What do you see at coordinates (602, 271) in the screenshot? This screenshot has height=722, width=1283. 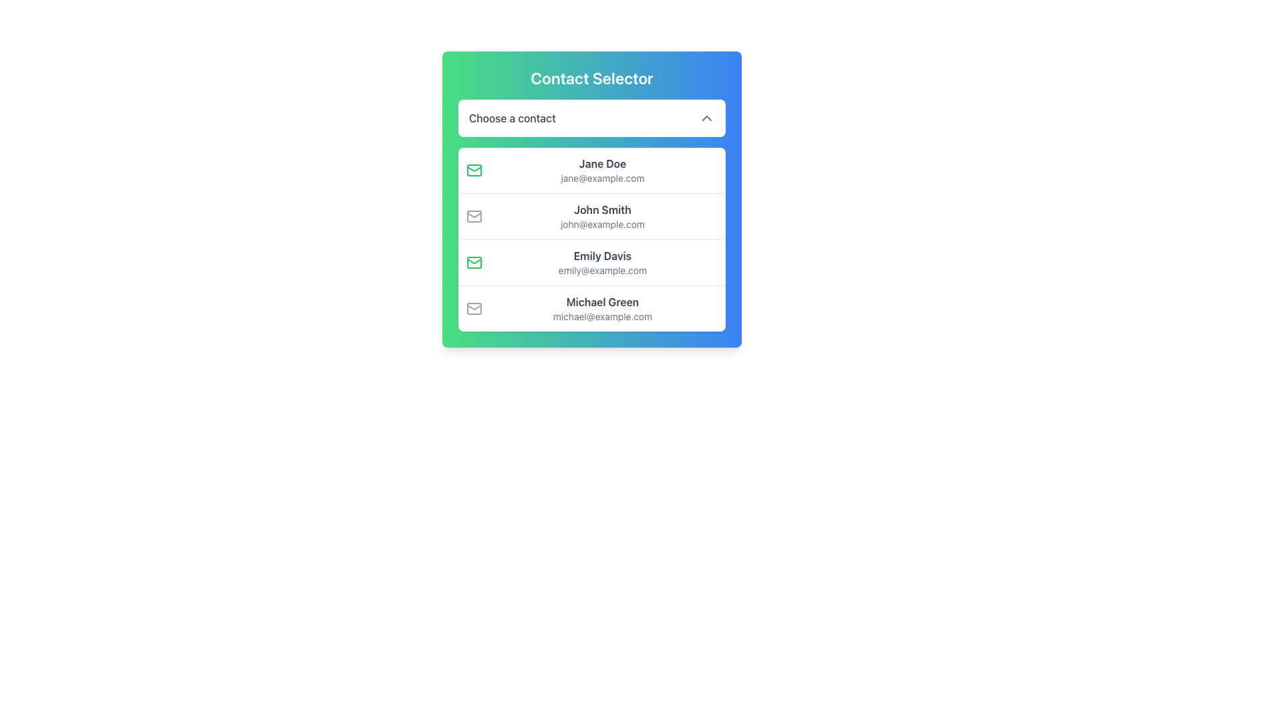 I see `email address 'emily@example.com' displayed in a smaller gray font, located directly underneath the name 'Emily Davis' within the third contact option of the contact list` at bounding box center [602, 271].